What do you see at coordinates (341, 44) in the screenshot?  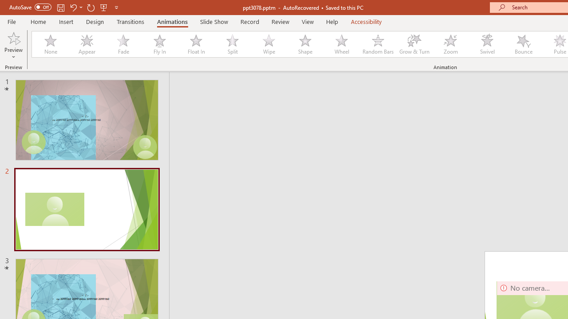 I see `'Wheel'` at bounding box center [341, 44].